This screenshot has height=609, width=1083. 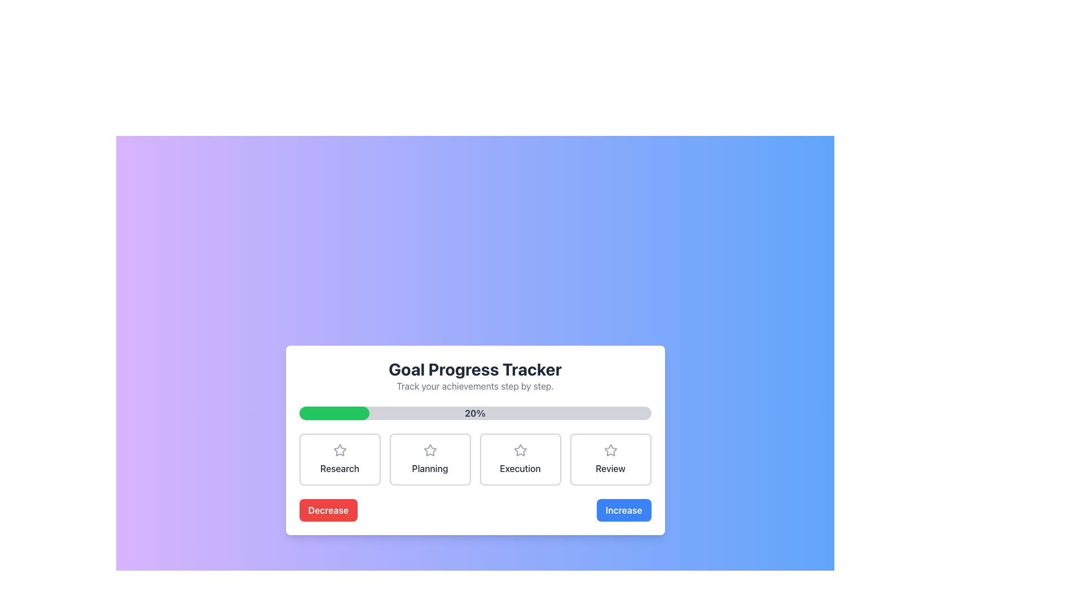 What do you see at coordinates (475, 413) in the screenshot?
I see `the Progress bar, which is a rectangular element with a gray background and a green filled area indicating 20% progress, located within the 'Goal Progress Tracker' card` at bounding box center [475, 413].